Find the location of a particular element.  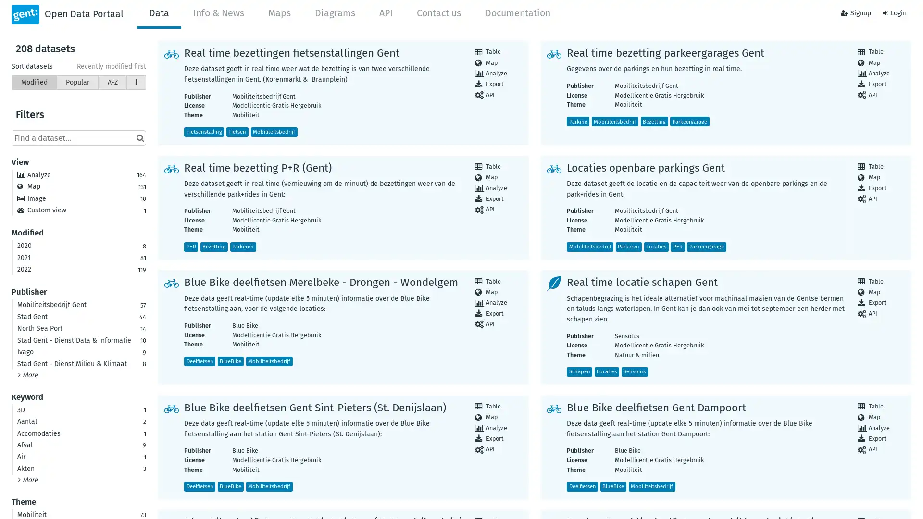

Search in catalog is located at coordinates (139, 137).